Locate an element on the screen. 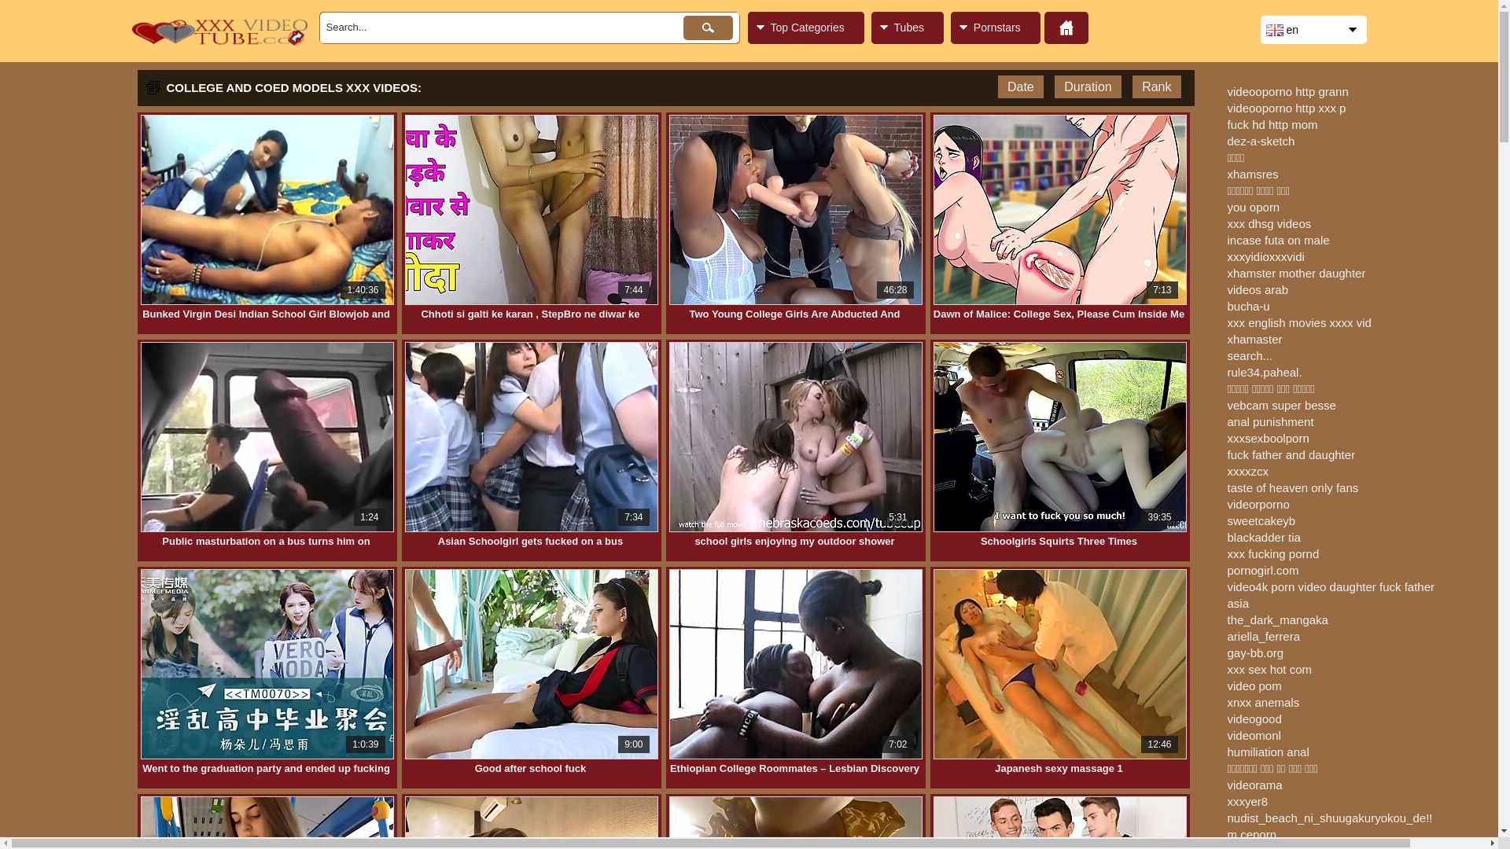 The height and width of the screenshot is (849, 1510). 'fuck hd http mom' is located at coordinates (1272, 123).